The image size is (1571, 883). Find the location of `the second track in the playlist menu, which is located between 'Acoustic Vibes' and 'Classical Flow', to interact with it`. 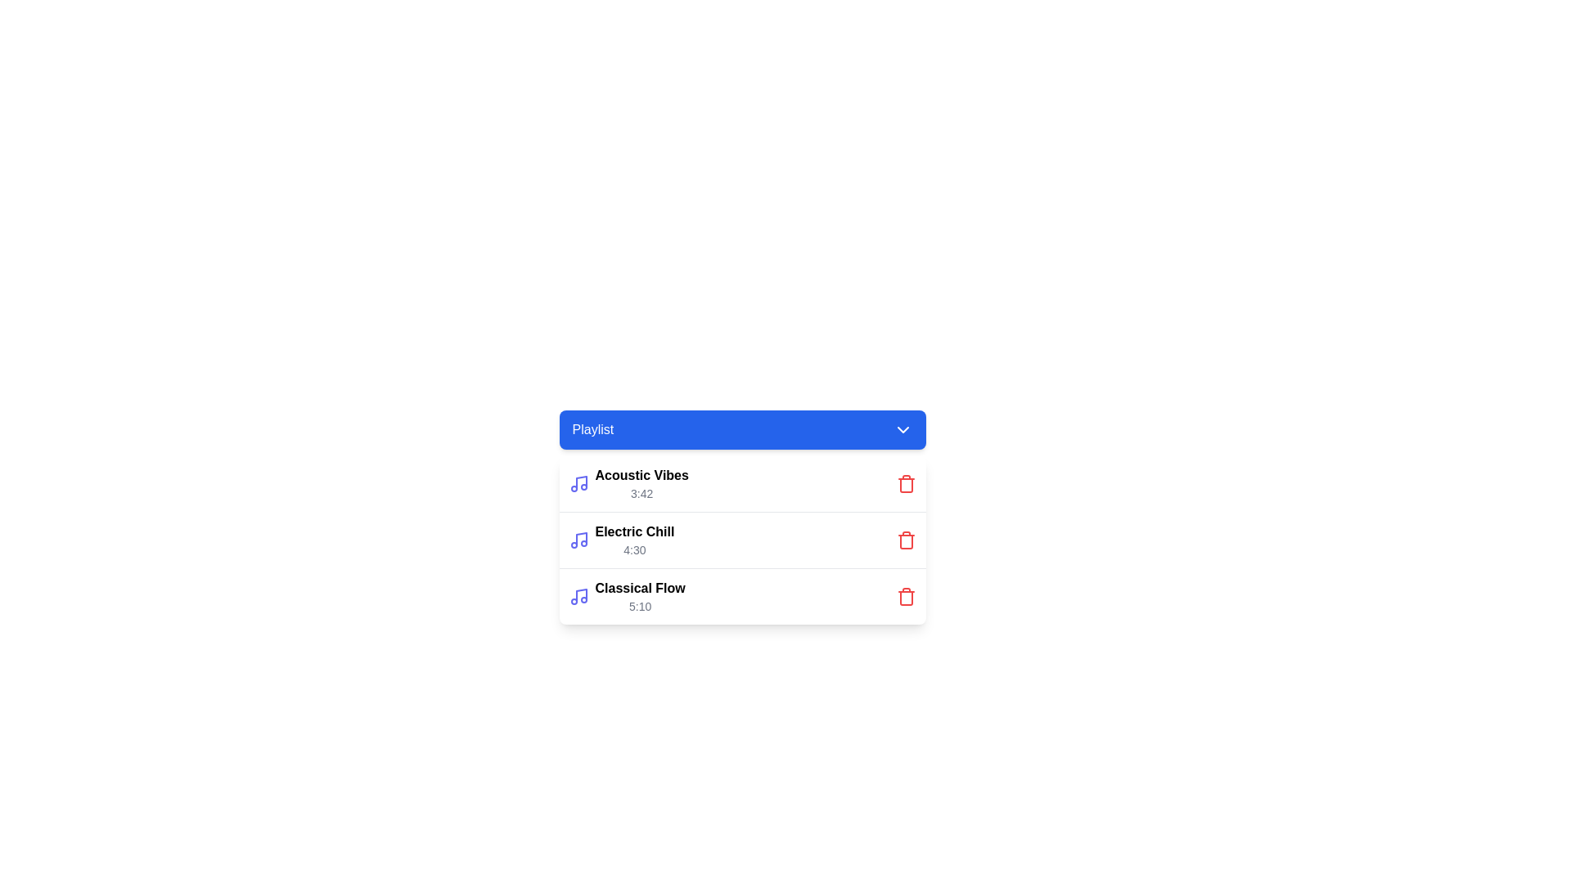

the second track in the playlist menu, which is located between 'Acoustic Vibes' and 'Classical Flow', to interact with it is located at coordinates (741, 540).